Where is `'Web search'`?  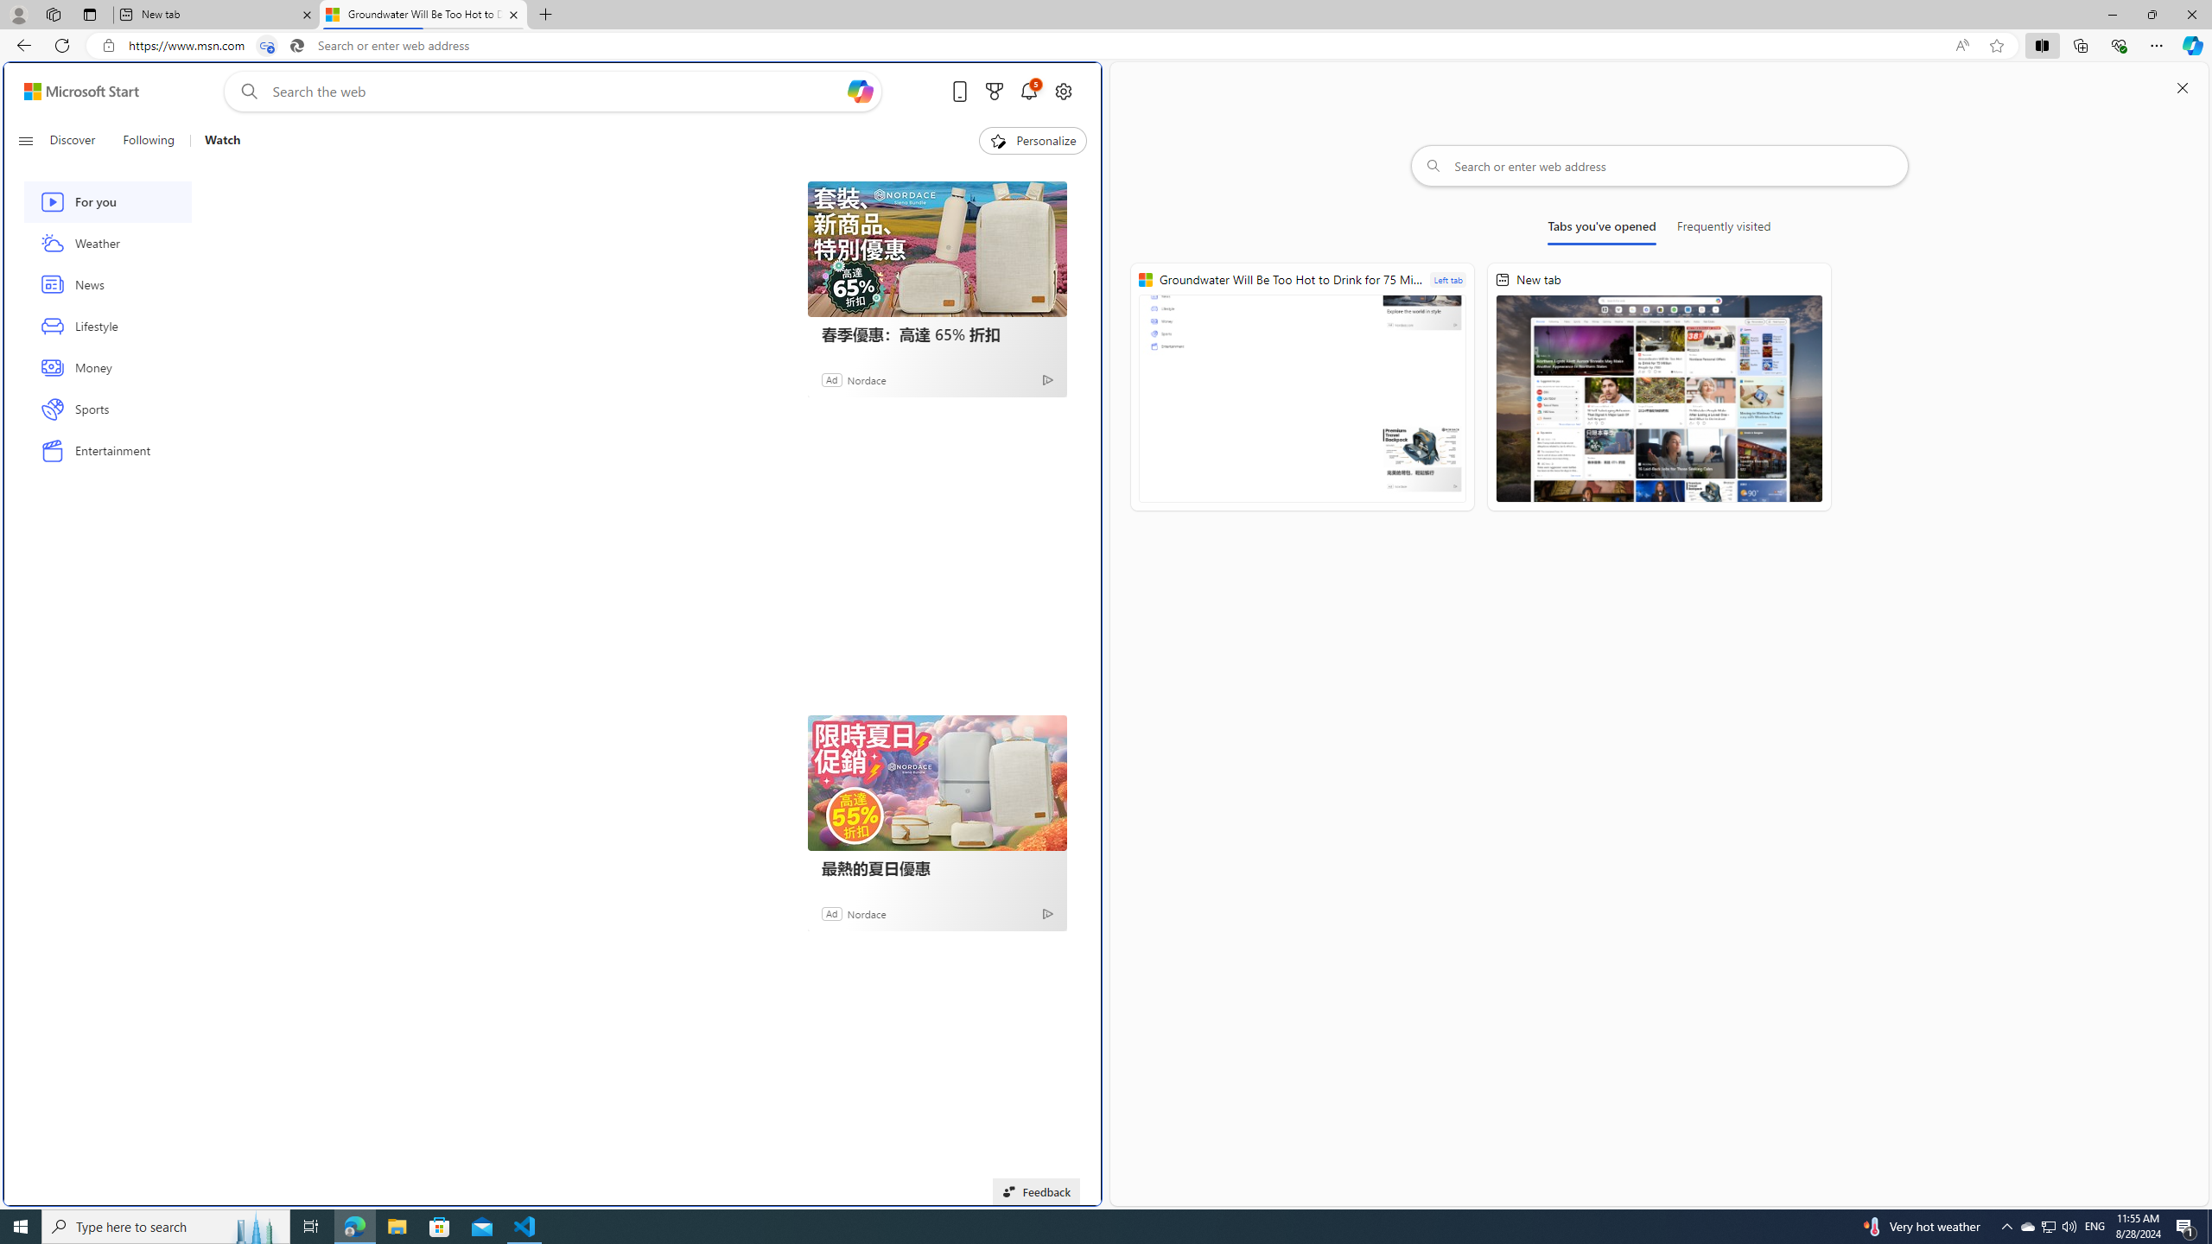
'Web search' is located at coordinates (245, 92).